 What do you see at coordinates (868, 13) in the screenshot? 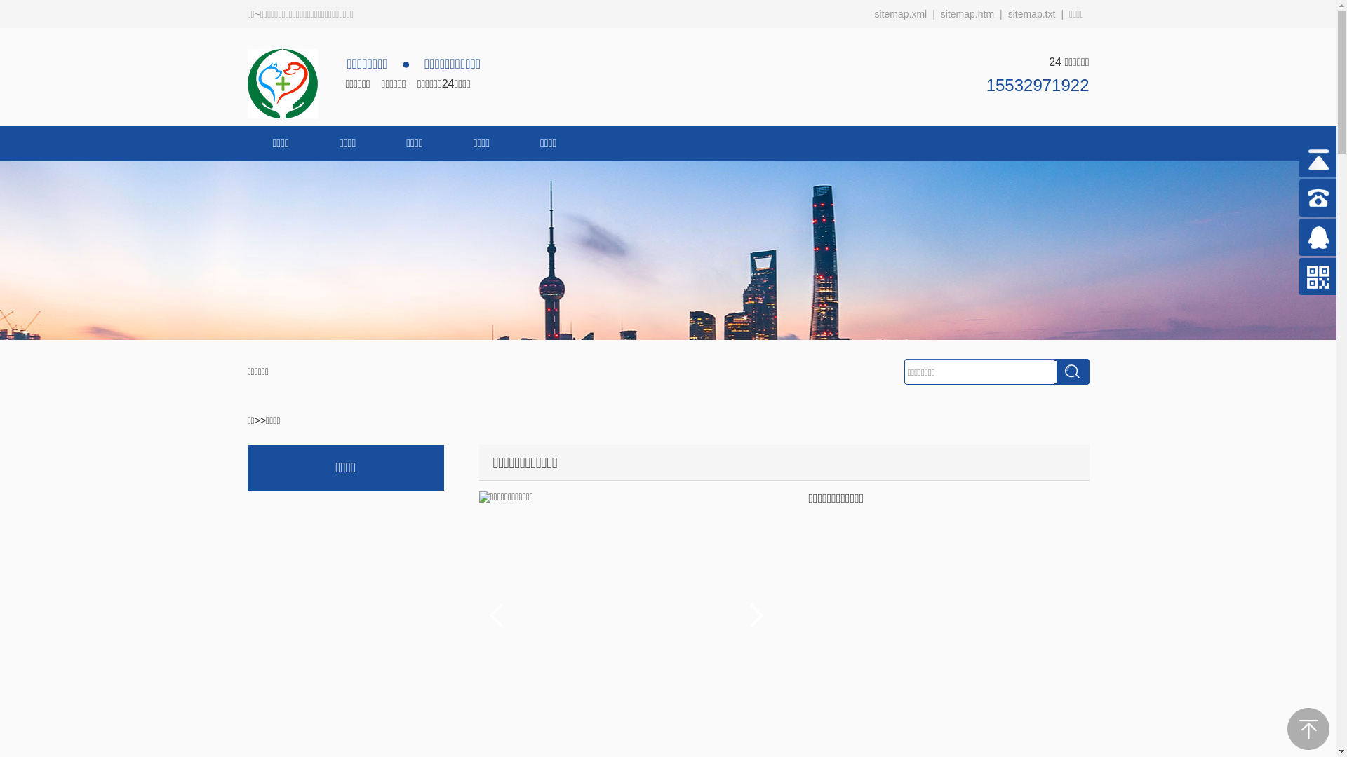
I see `'sitemap.xml'` at bounding box center [868, 13].